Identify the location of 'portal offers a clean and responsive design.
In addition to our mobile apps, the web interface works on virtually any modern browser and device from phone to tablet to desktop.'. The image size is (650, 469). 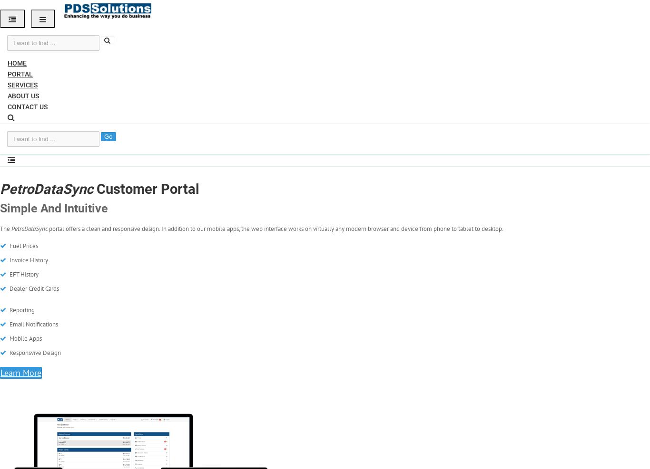
(275, 228).